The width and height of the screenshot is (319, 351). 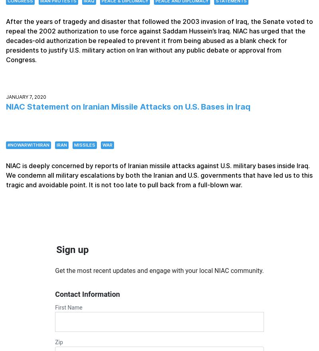 I want to click on 'After the years of tragedy and disaster that followed the 2003 invasion of Iraq, the Senate voted to repeal the 2002 authorization to use force against Saddam Hussein’s Iraq. NIAC has urged that the decades-old authorization be repealed to prevent it from being abused as a blank check for presidents to justify U.S. military action on Iran without any public debate or approval from Congress.', so click(x=6, y=39).